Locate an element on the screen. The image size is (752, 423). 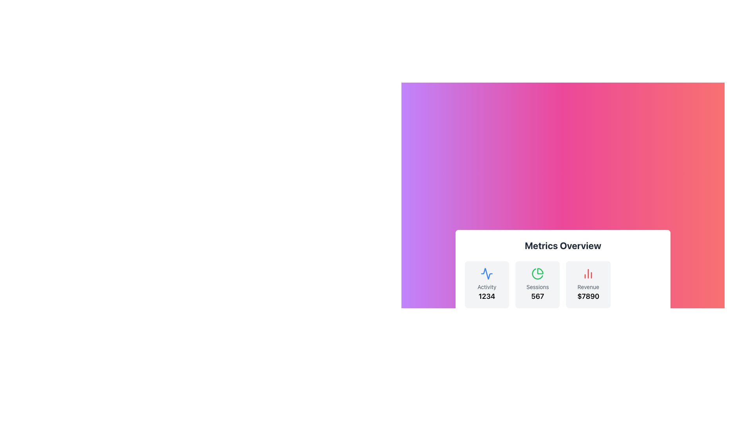
displayed revenue value from the Text Display located in the financial metrics overview section, under the label 'Revenue' is located at coordinates (588, 296).